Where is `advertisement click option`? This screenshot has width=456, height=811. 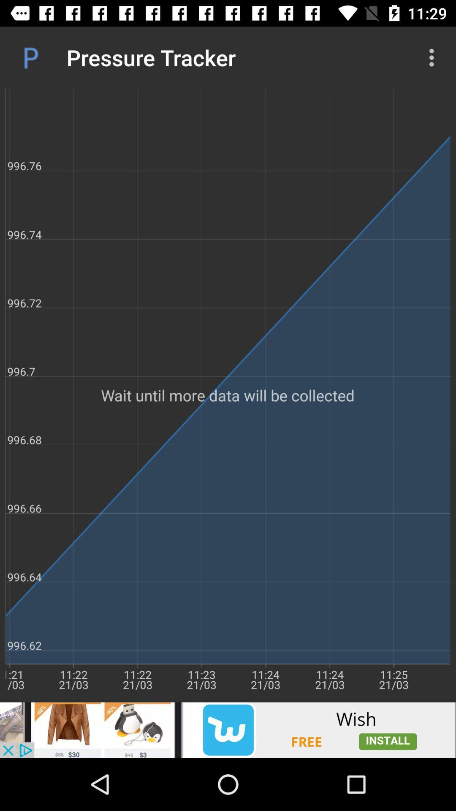 advertisement click option is located at coordinates (228, 729).